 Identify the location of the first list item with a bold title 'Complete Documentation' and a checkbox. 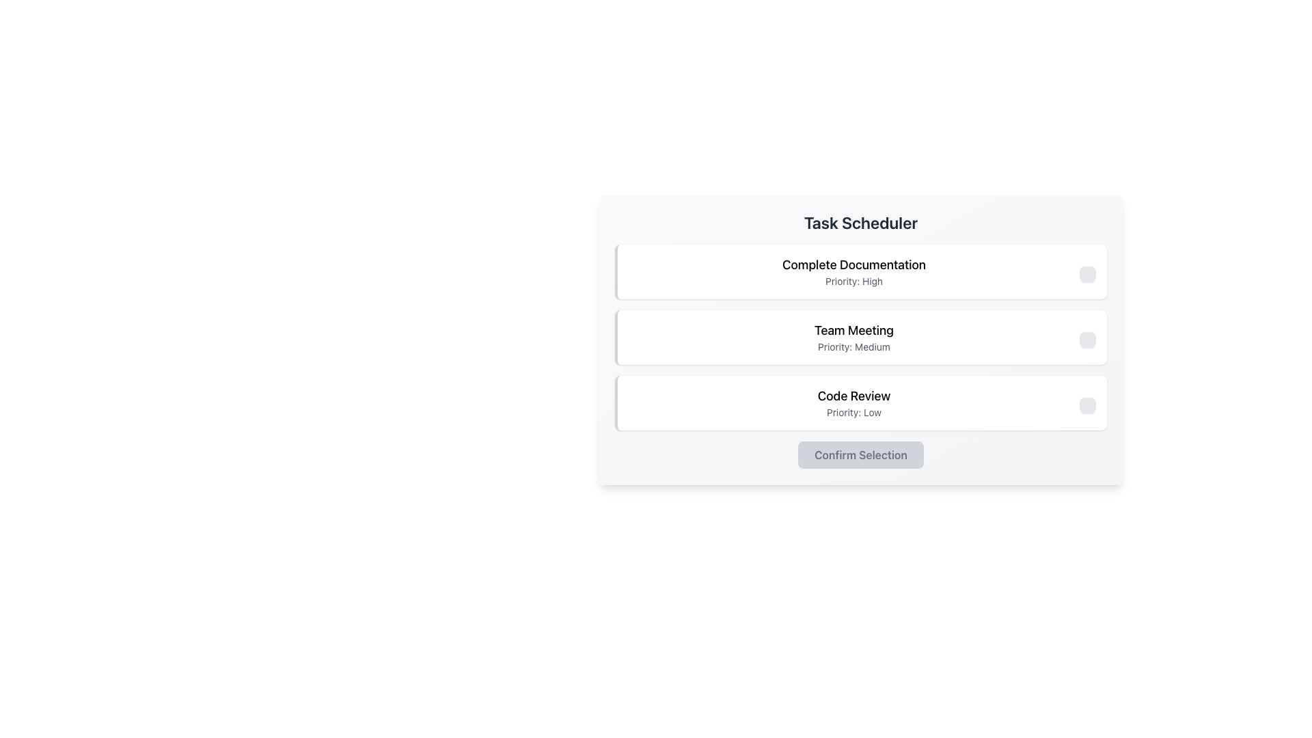
(860, 271).